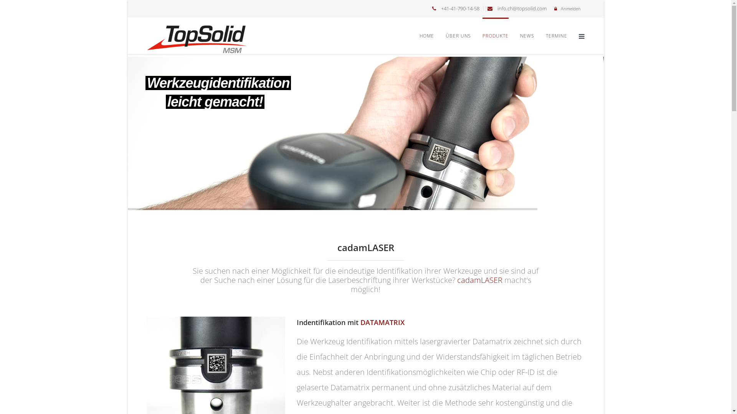 The height and width of the screenshot is (414, 737). I want to click on 'info.ch@topsolid.com', so click(522, 8).